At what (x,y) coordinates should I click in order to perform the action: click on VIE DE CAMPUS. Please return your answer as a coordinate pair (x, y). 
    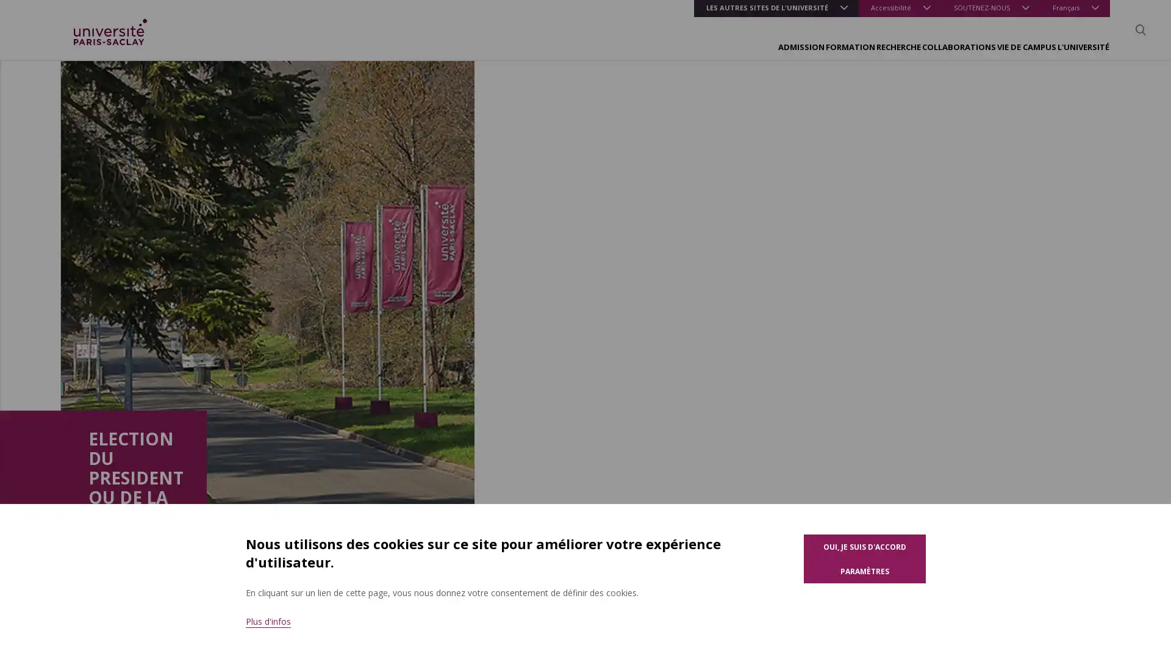
    Looking at the image, I should click on (973, 41).